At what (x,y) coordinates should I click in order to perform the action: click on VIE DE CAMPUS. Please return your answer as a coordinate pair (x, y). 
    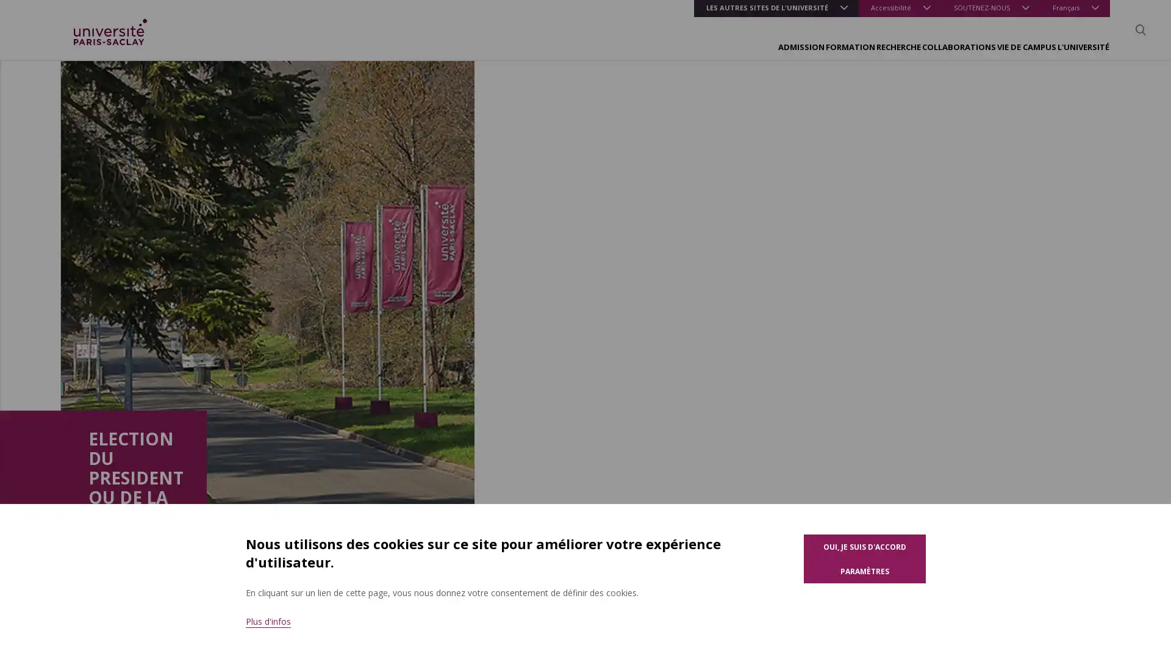
    Looking at the image, I should click on (973, 41).